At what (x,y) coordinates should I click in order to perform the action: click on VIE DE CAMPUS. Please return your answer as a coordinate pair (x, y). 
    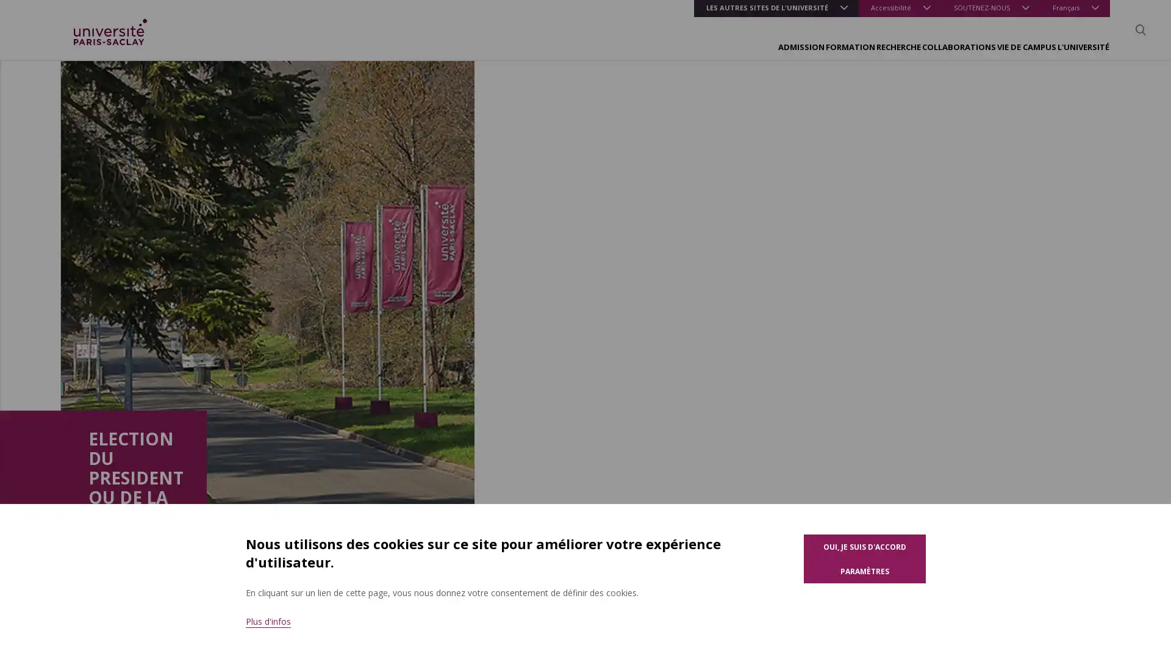
    Looking at the image, I should click on (973, 41).